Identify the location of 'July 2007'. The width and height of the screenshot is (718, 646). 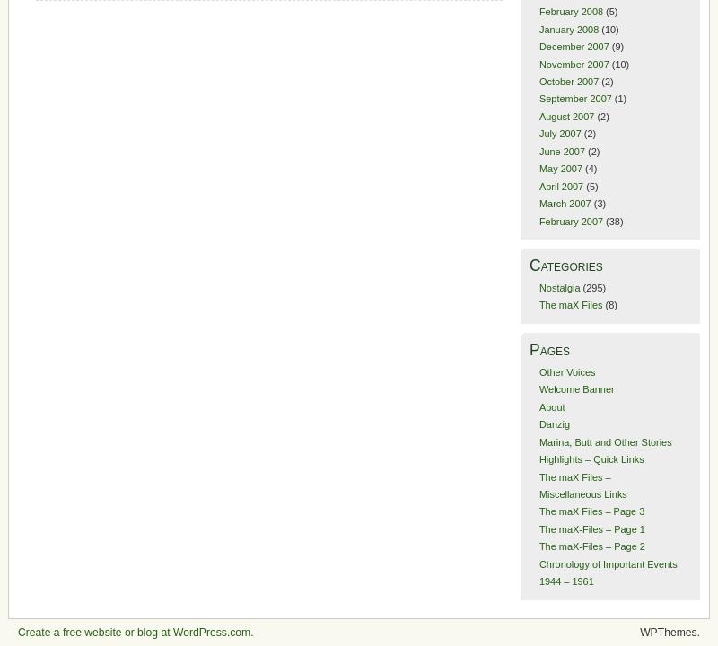
(559, 132).